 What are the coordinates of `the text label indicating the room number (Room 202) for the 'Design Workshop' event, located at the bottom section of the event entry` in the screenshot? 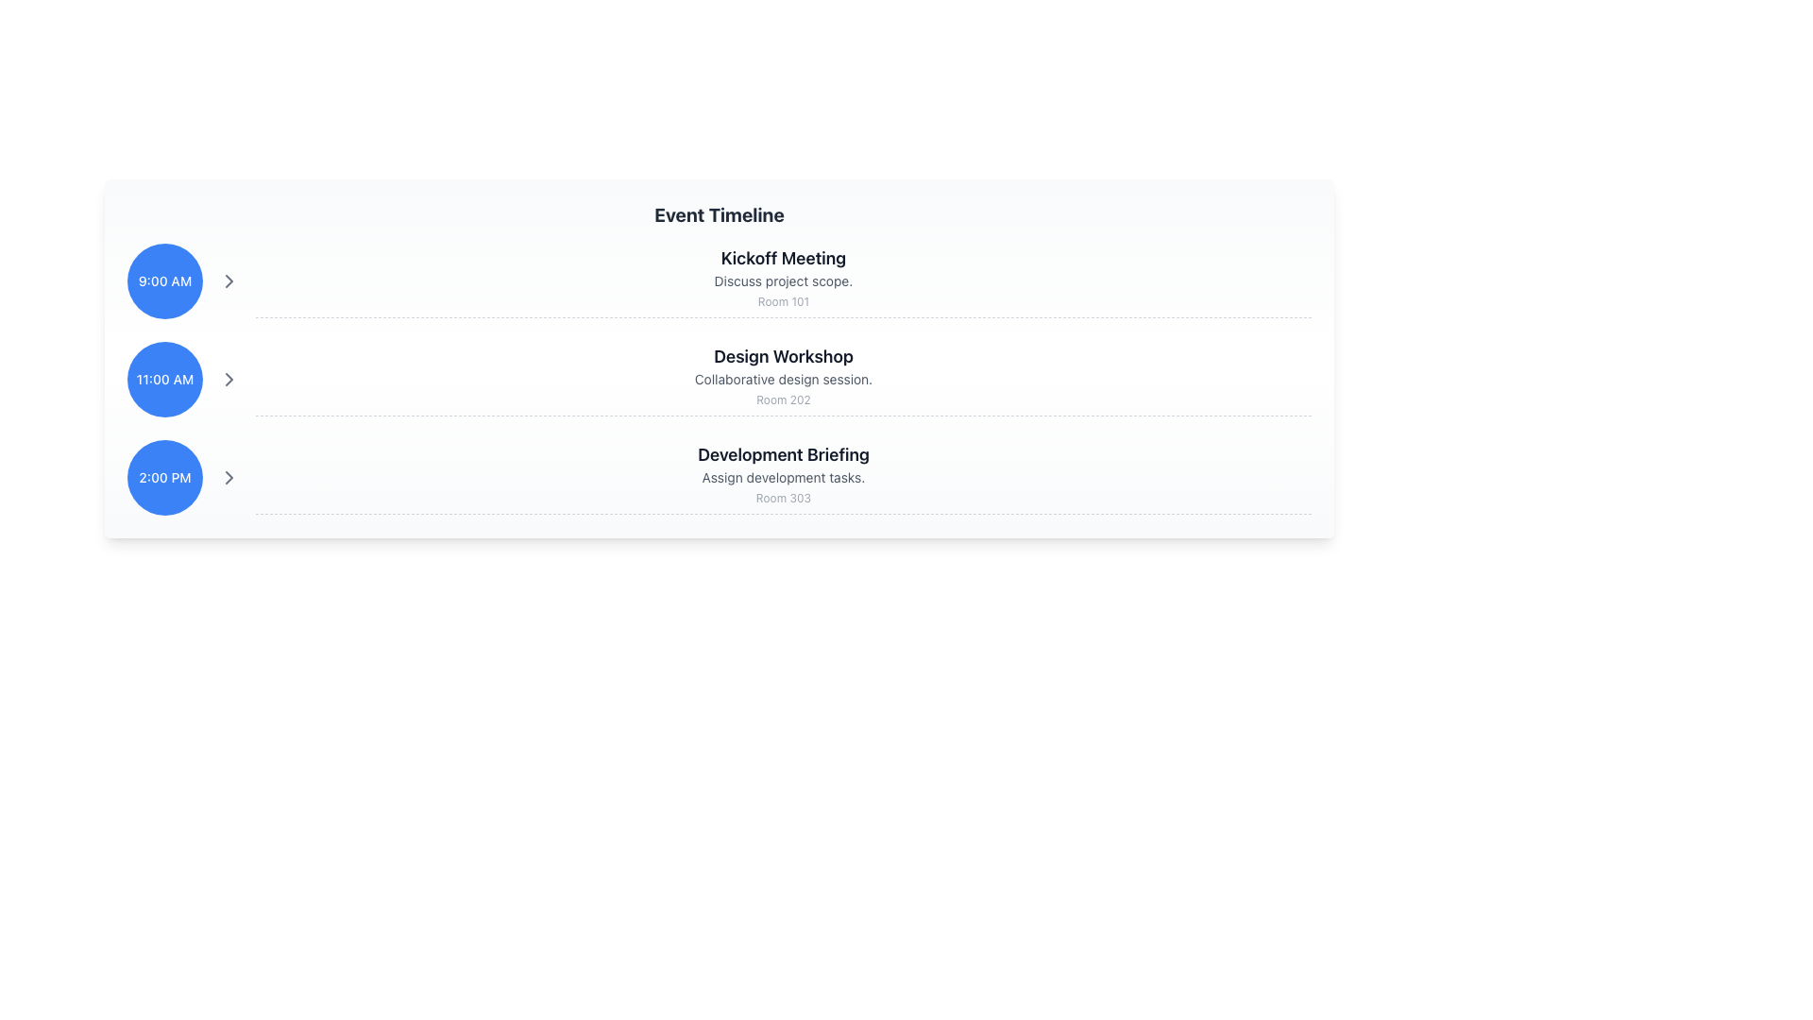 It's located at (784, 399).